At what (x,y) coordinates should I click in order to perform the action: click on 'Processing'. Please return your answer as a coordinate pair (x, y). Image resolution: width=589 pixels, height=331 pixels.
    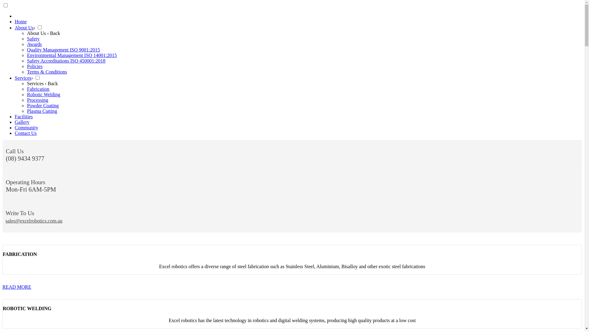
    Looking at the image, I should click on (37, 100).